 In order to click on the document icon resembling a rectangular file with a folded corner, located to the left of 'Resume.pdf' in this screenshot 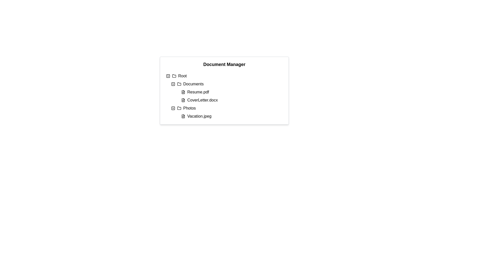, I will do `click(183, 92)`.